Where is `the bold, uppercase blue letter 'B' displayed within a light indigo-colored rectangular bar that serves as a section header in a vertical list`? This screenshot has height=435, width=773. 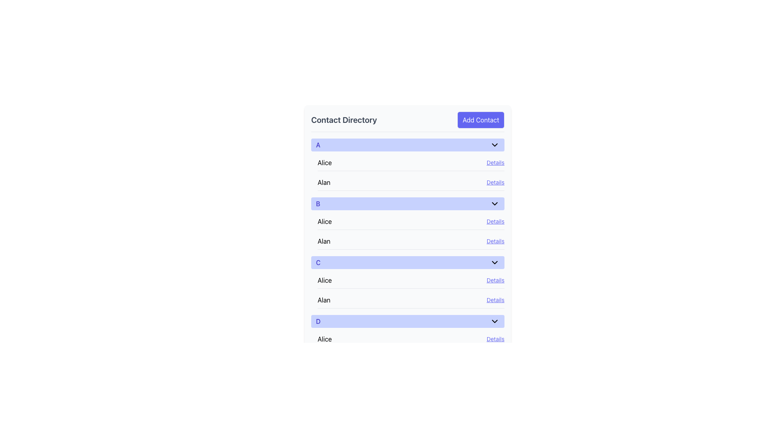 the bold, uppercase blue letter 'B' displayed within a light indigo-colored rectangular bar that serves as a section header in a vertical list is located at coordinates (318, 203).